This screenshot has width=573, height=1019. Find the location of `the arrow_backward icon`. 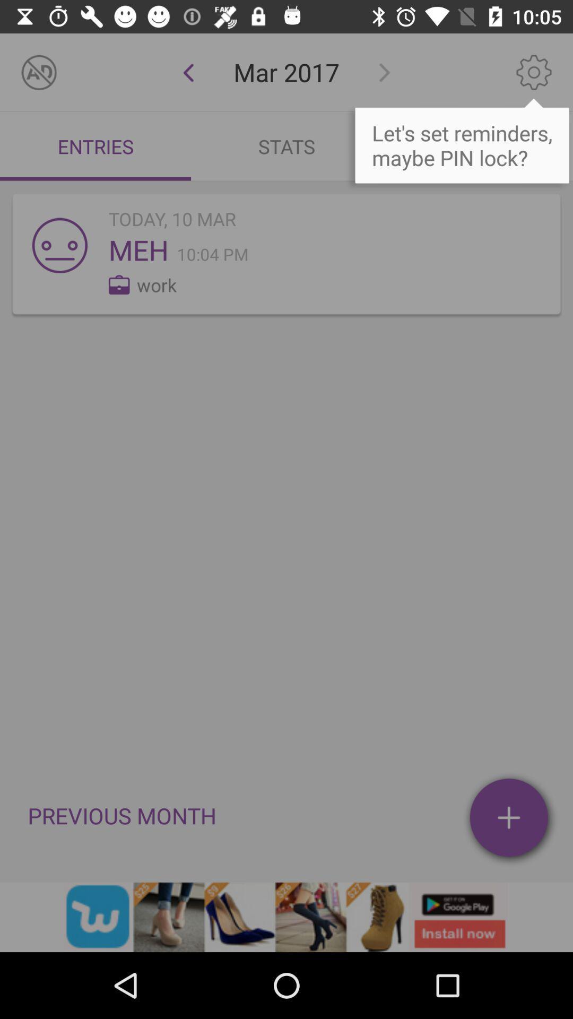

the arrow_backward icon is located at coordinates (188, 72).